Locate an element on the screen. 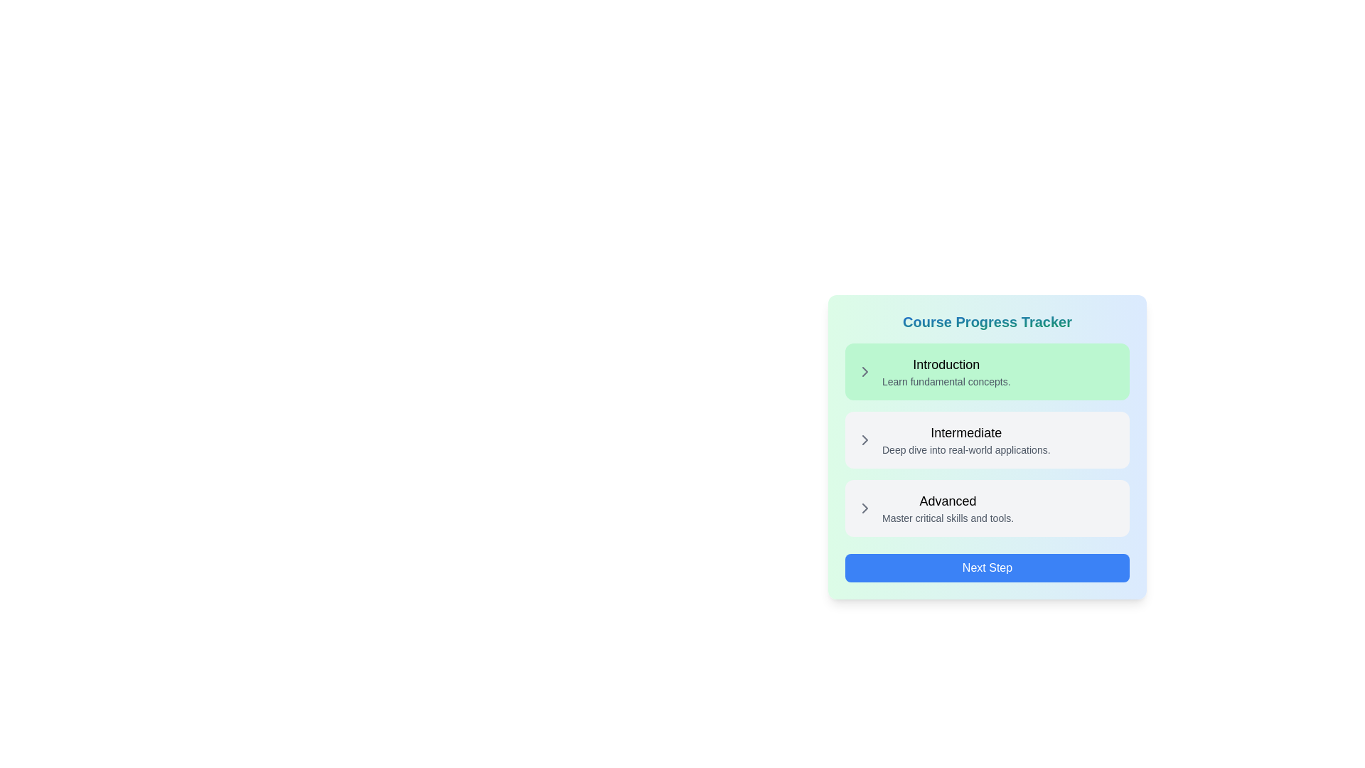 This screenshot has width=1365, height=768. the chevron icon next to the 'Advanced' section is located at coordinates (864, 507).